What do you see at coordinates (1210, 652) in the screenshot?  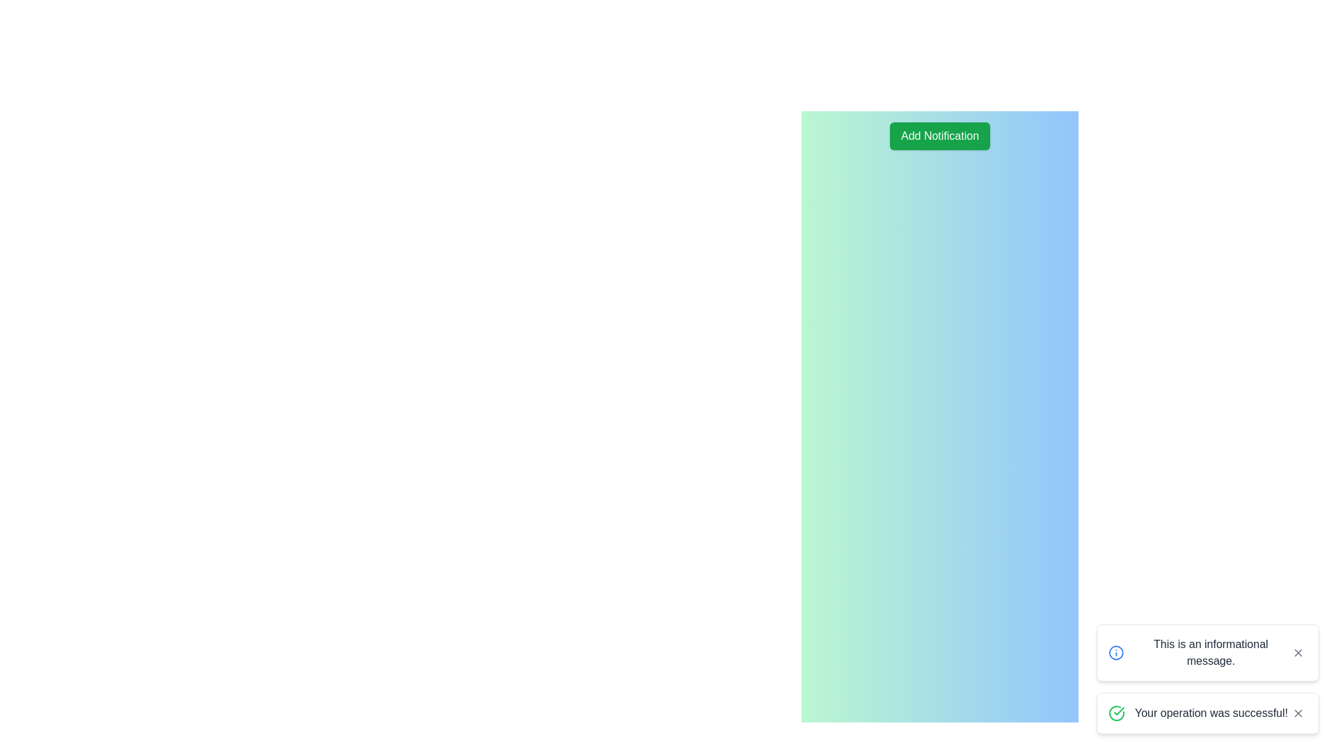 I see `informational message displayed in the text label located in the middle-right section of the display card` at bounding box center [1210, 652].